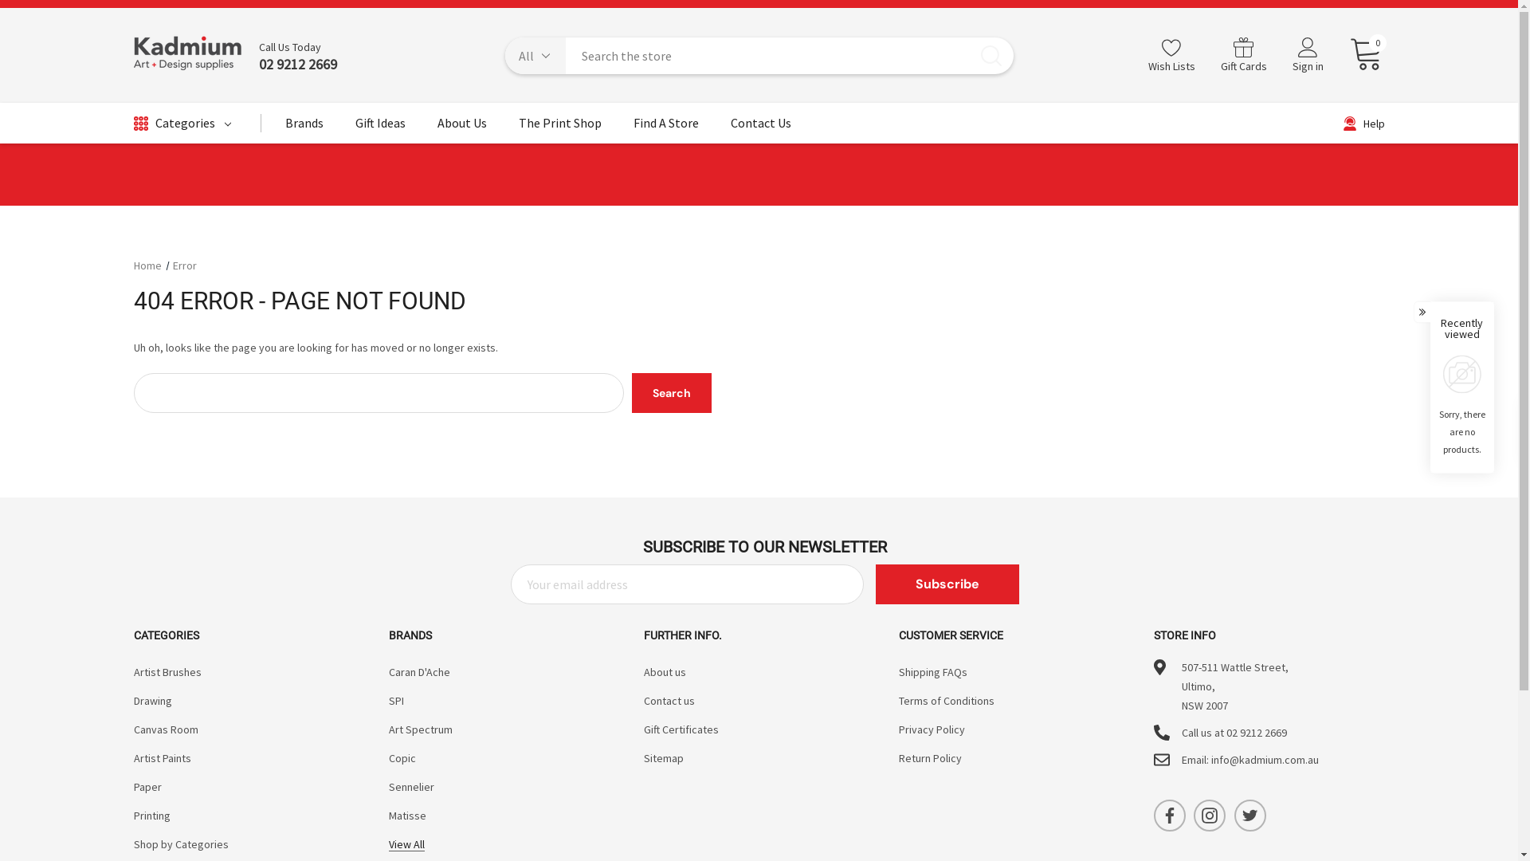 This screenshot has width=1530, height=861. I want to click on 'Shipping FAQs', so click(933, 672).